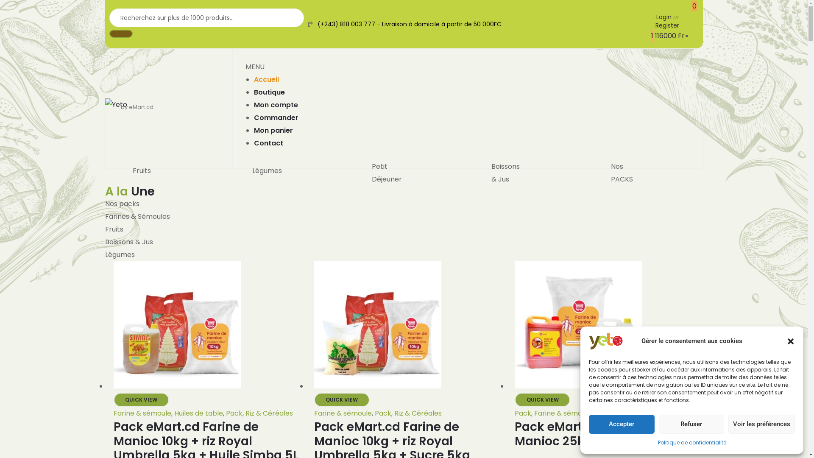  I want to click on 'Refuser', so click(691, 424).